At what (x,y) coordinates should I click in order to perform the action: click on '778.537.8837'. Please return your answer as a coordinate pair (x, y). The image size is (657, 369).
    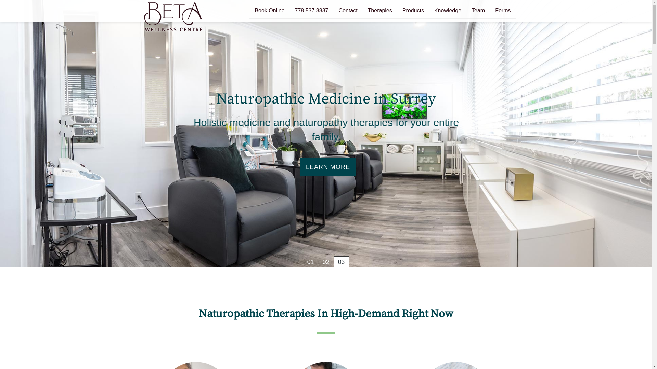
    Looking at the image, I should click on (311, 11).